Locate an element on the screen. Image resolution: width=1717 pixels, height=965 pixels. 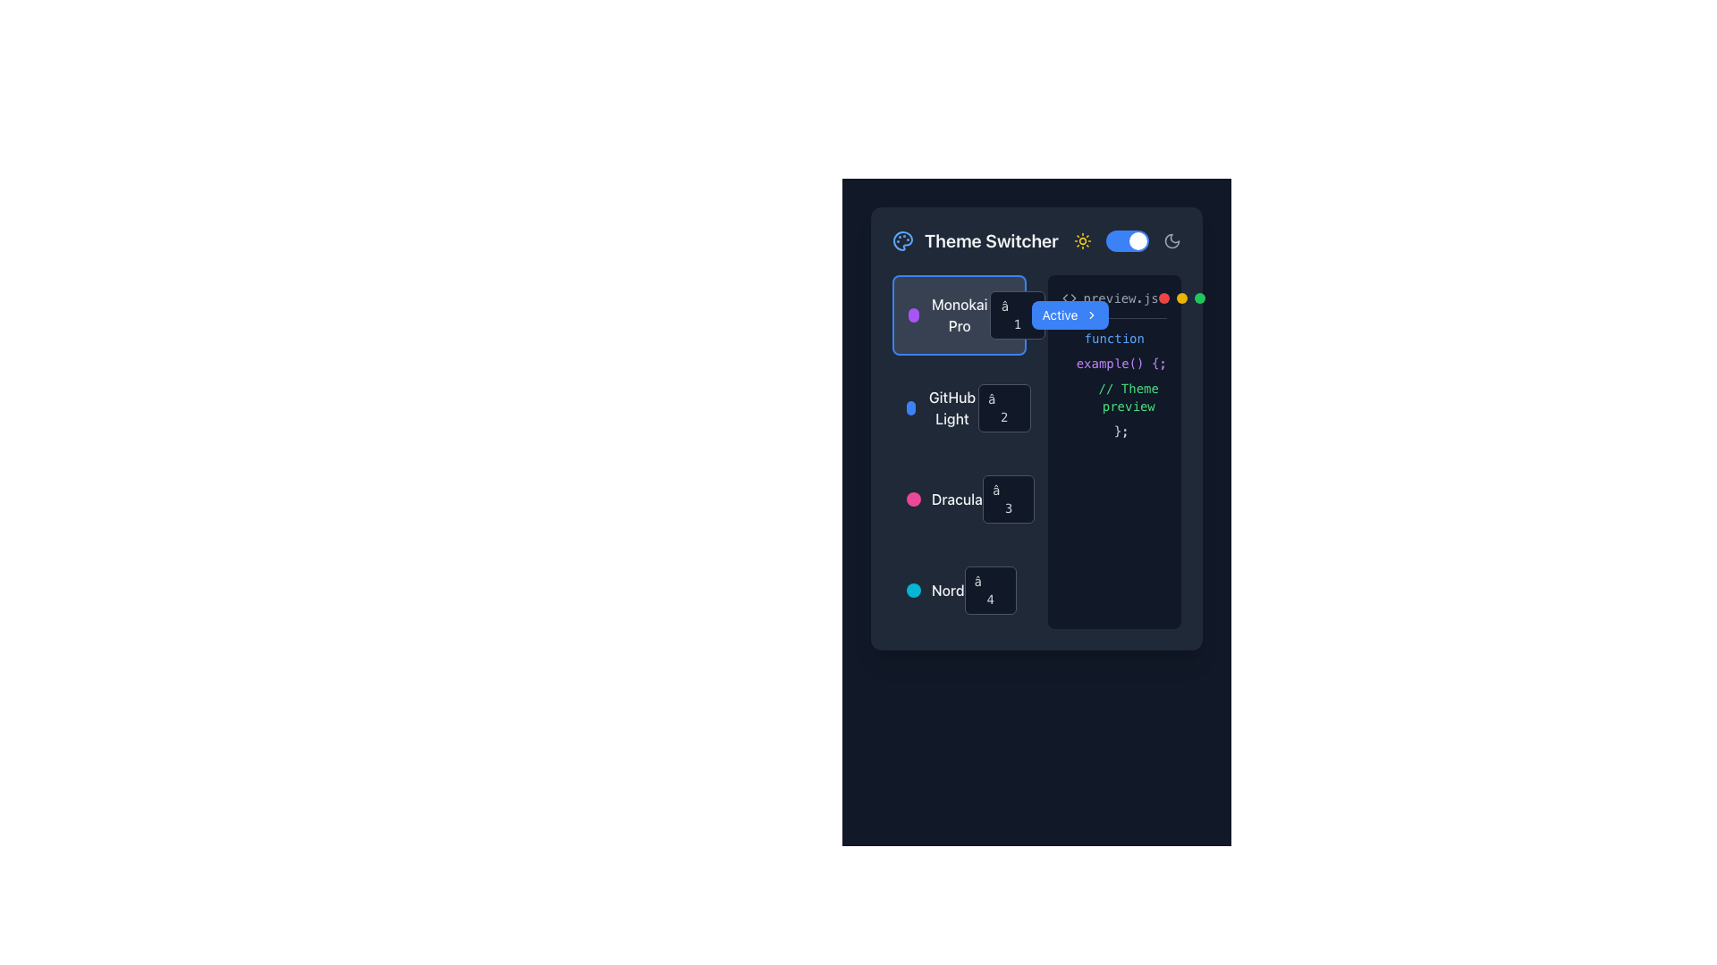
shortcut text displayed on the dark-colored rectangular label with rounded corners, featuring the text '⌘ 1' in light gray is located at coordinates (1017, 315).